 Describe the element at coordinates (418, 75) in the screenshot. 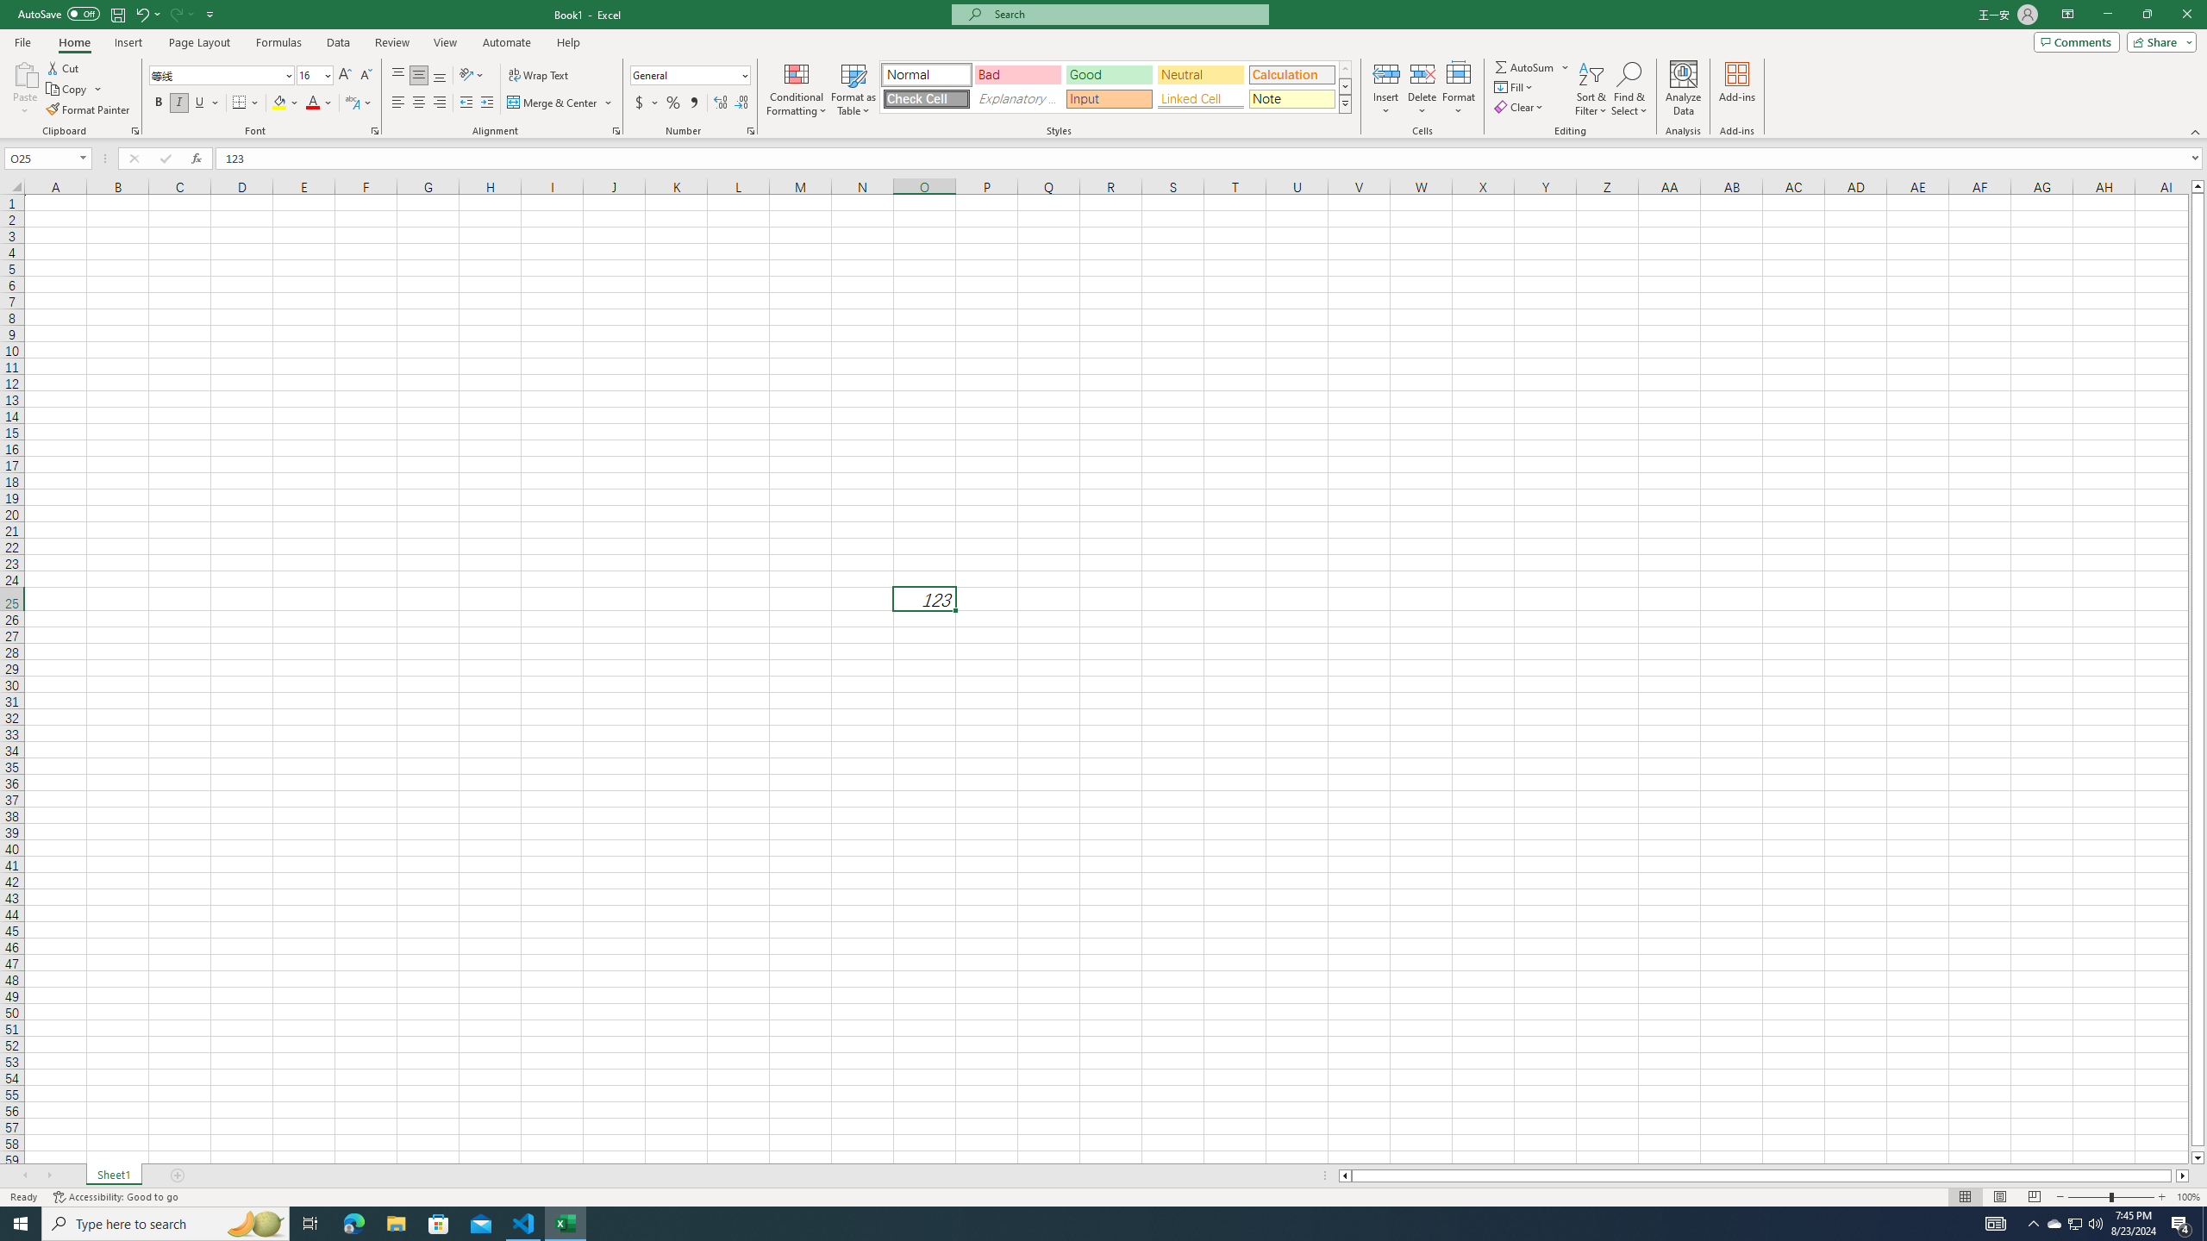

I see `'Middle Align'` at that location.